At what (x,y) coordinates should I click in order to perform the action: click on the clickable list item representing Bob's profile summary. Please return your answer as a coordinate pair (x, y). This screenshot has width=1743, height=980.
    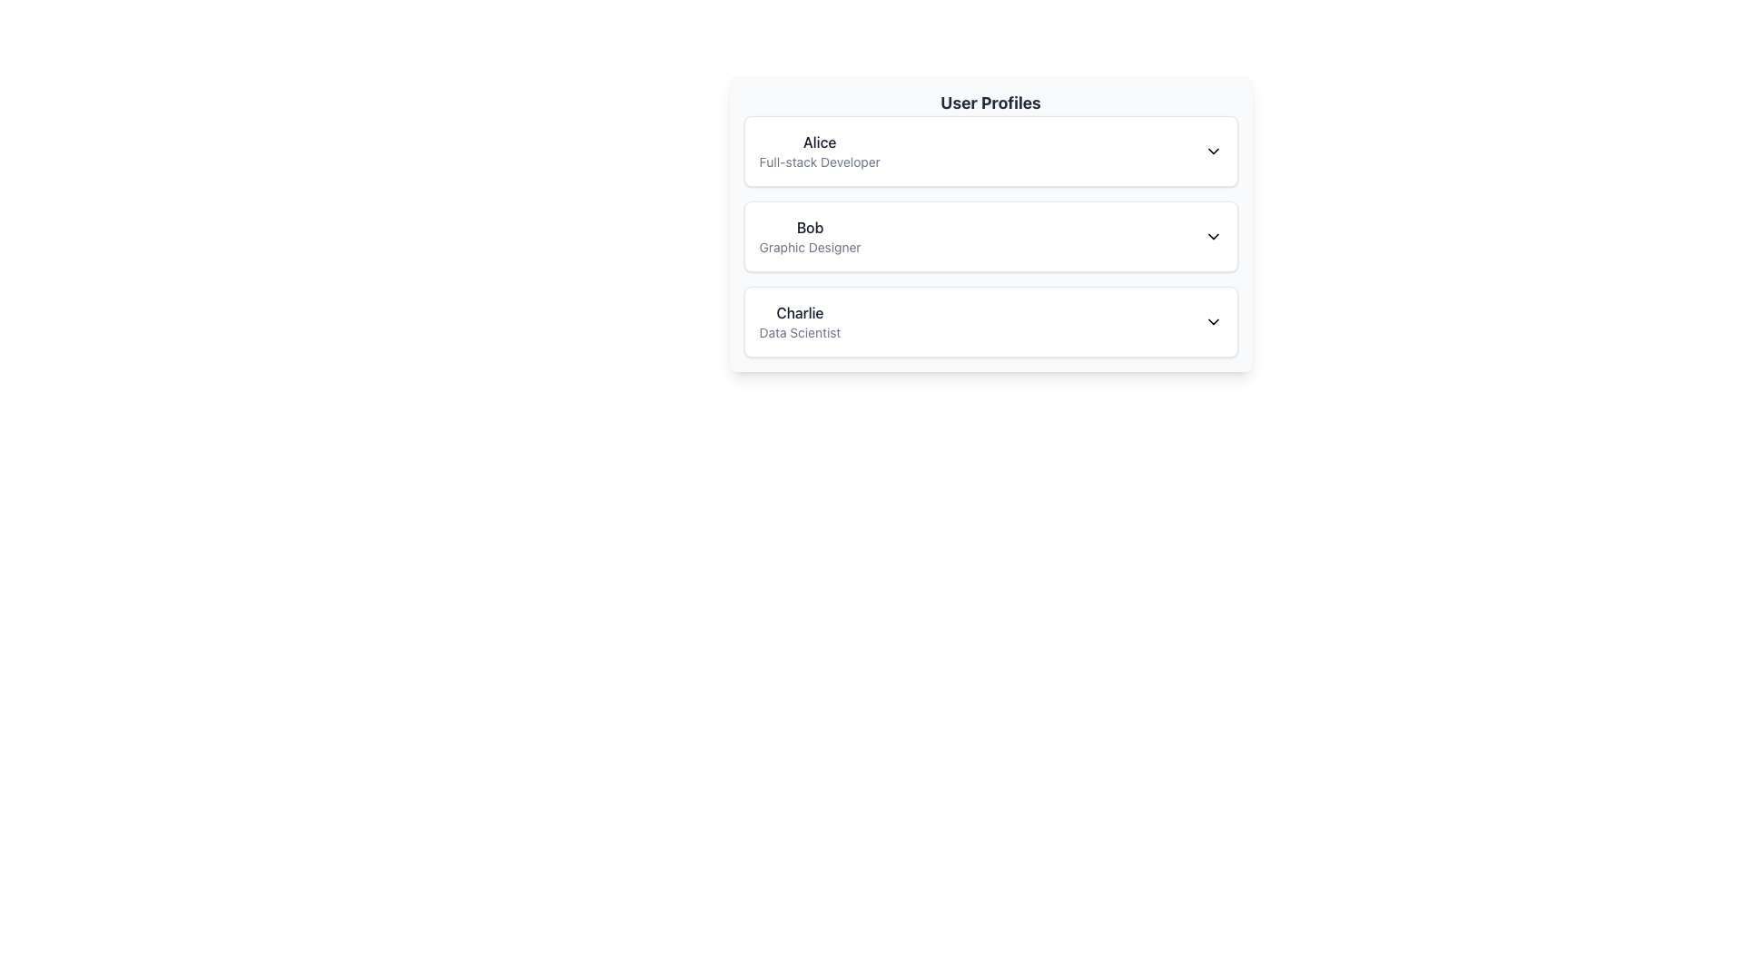
    Looking at the image, I should click on (990, 236).